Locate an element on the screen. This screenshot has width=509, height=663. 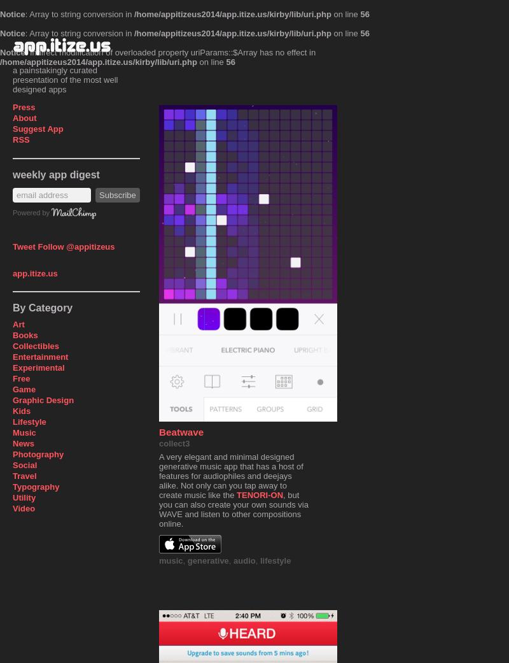
'Beatwave' is located at coordinates (181, 431).